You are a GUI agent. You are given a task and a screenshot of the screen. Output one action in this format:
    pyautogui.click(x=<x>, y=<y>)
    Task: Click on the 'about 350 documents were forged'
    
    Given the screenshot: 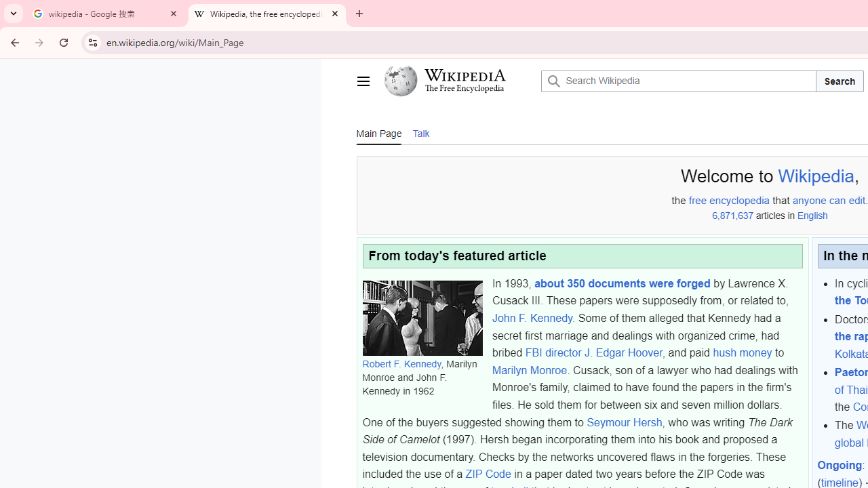 What is the action you would take?
    pyautogui.click(x=622, y=282)
    